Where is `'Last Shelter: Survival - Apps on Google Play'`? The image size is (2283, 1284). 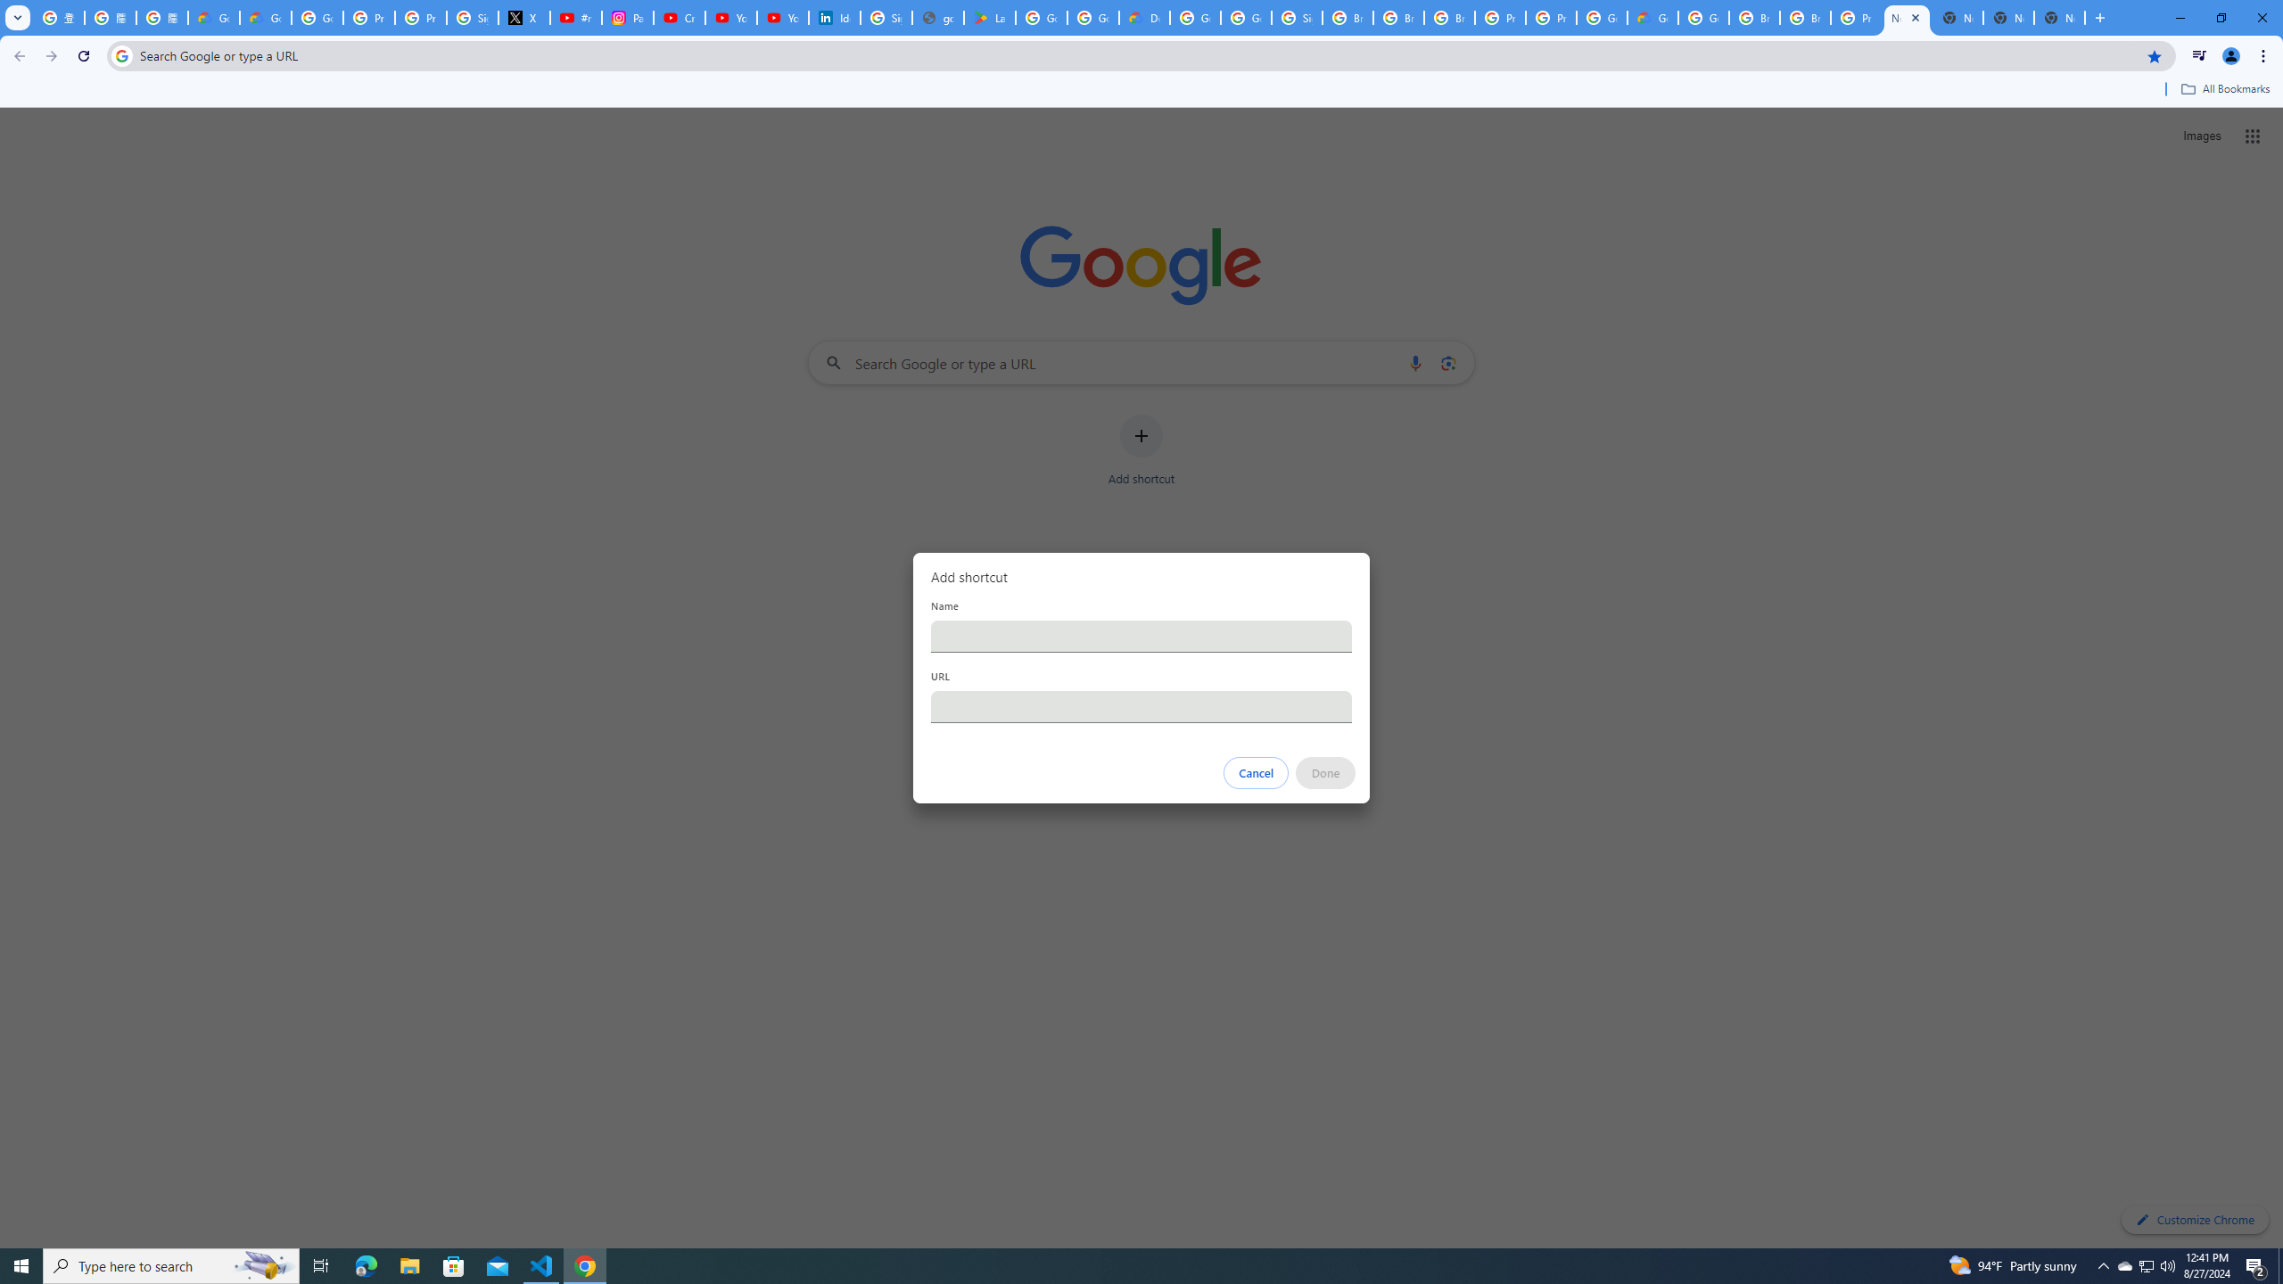
'Last Shelter: Survival - Apps on Google Play' is located at coordinates (988, 17).